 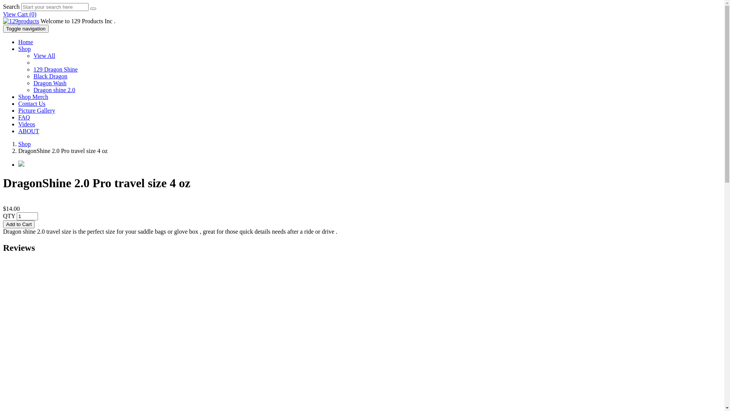 What do you see at coordinates (36, 110) in the screenshot?
I see `'Picture Gallery'` at bounding box center [36, 110].